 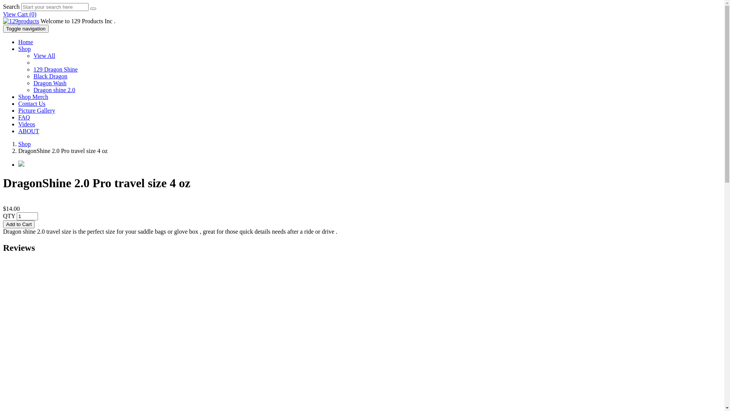 What do you see at coordinates (36, 110) in the screenshot?
I see `'Picture Gallery'` at bounding box center [36, 110].